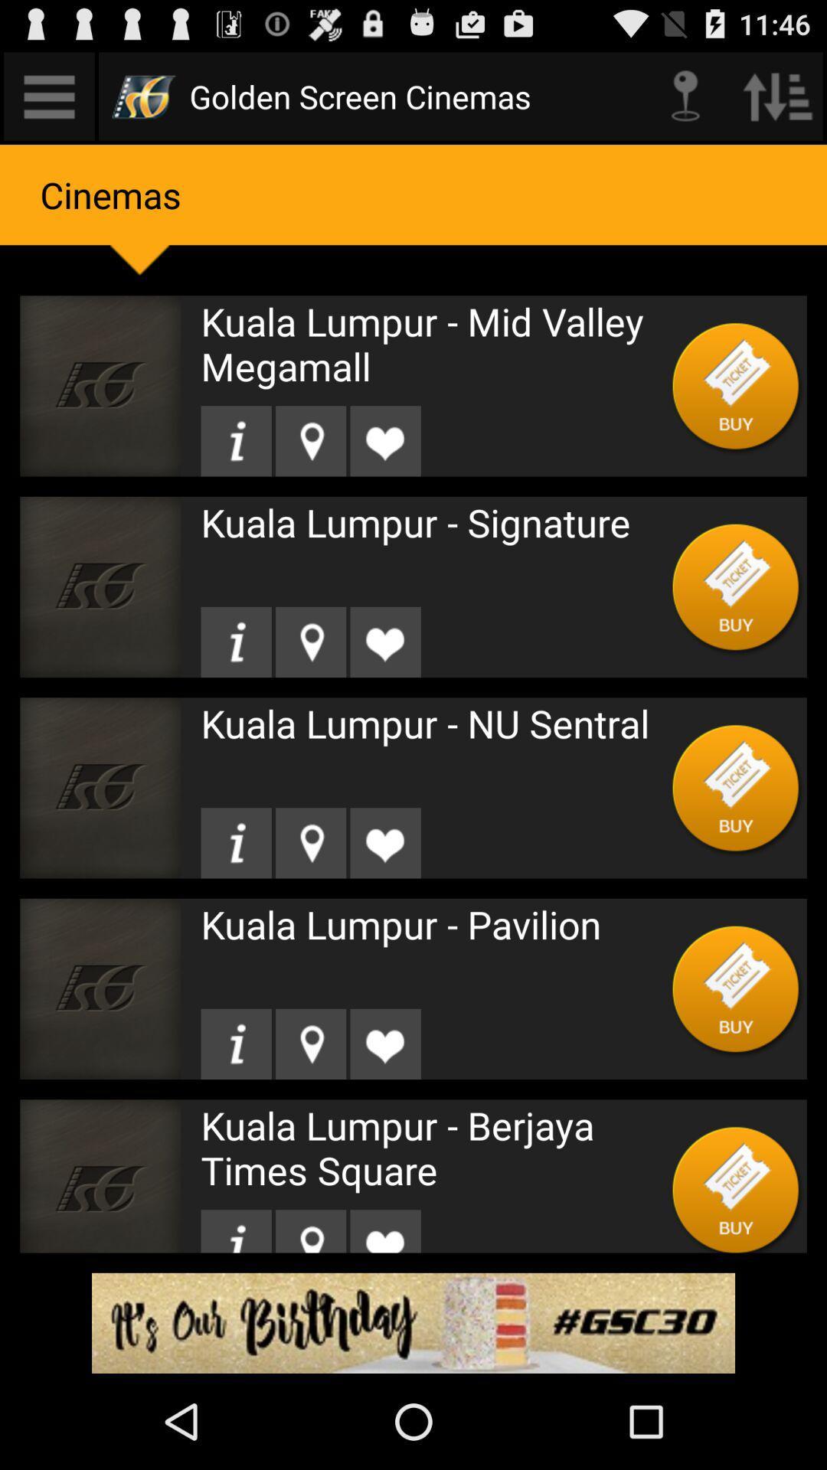 This screenshot has height=1470, width=827. What do you see at coordinates (310, 440) in the screenshot?
I see `location option` at bounding box center [310, 440].